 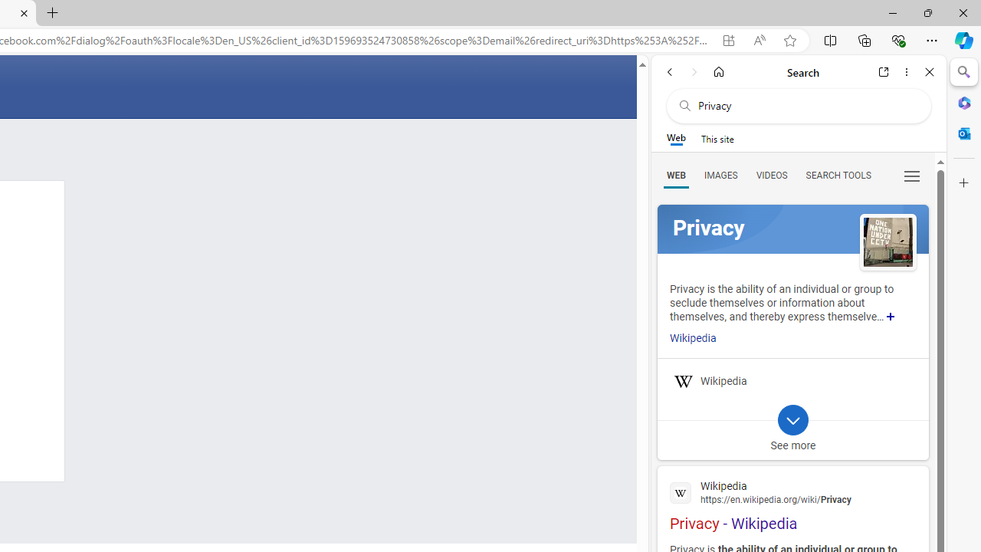 I want to click on 'App available. Install Facebook', so click(x=728, y=40).